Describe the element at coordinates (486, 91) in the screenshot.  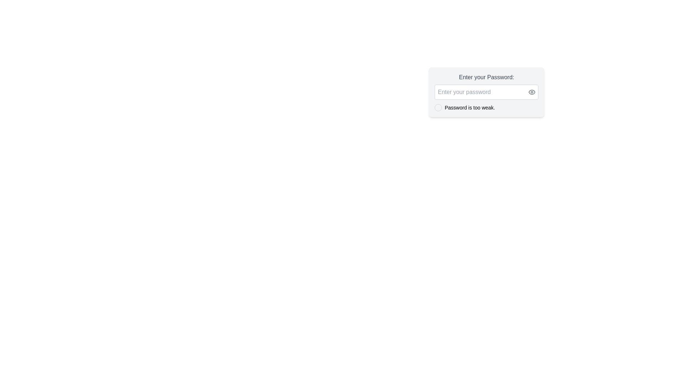
I see `the password input field styled with rounded borders that has a placeholder text 'Enter your password' to focus on it` at that location.